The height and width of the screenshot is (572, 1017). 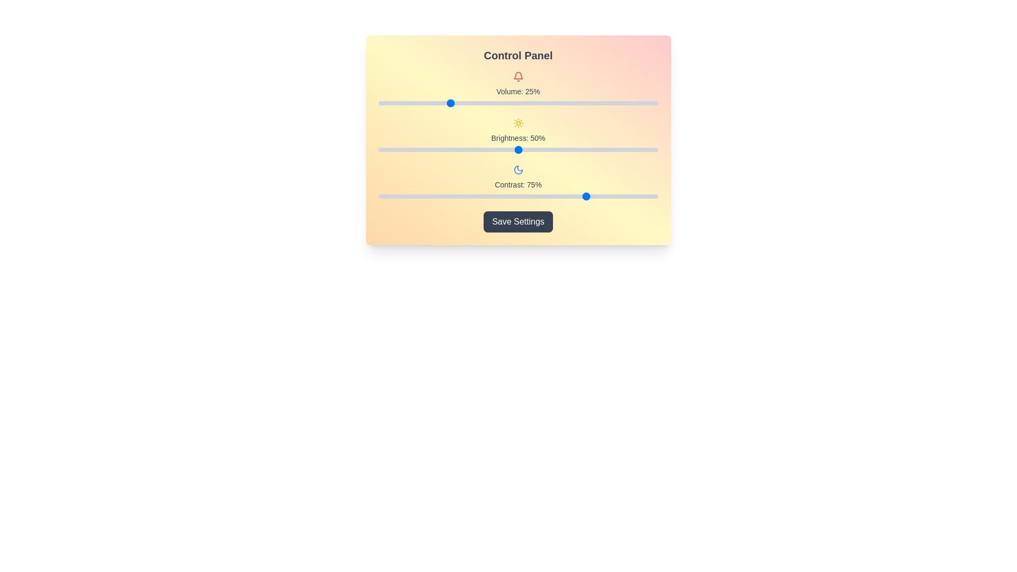 I want to click on the volume, so click(x=378, y=103).